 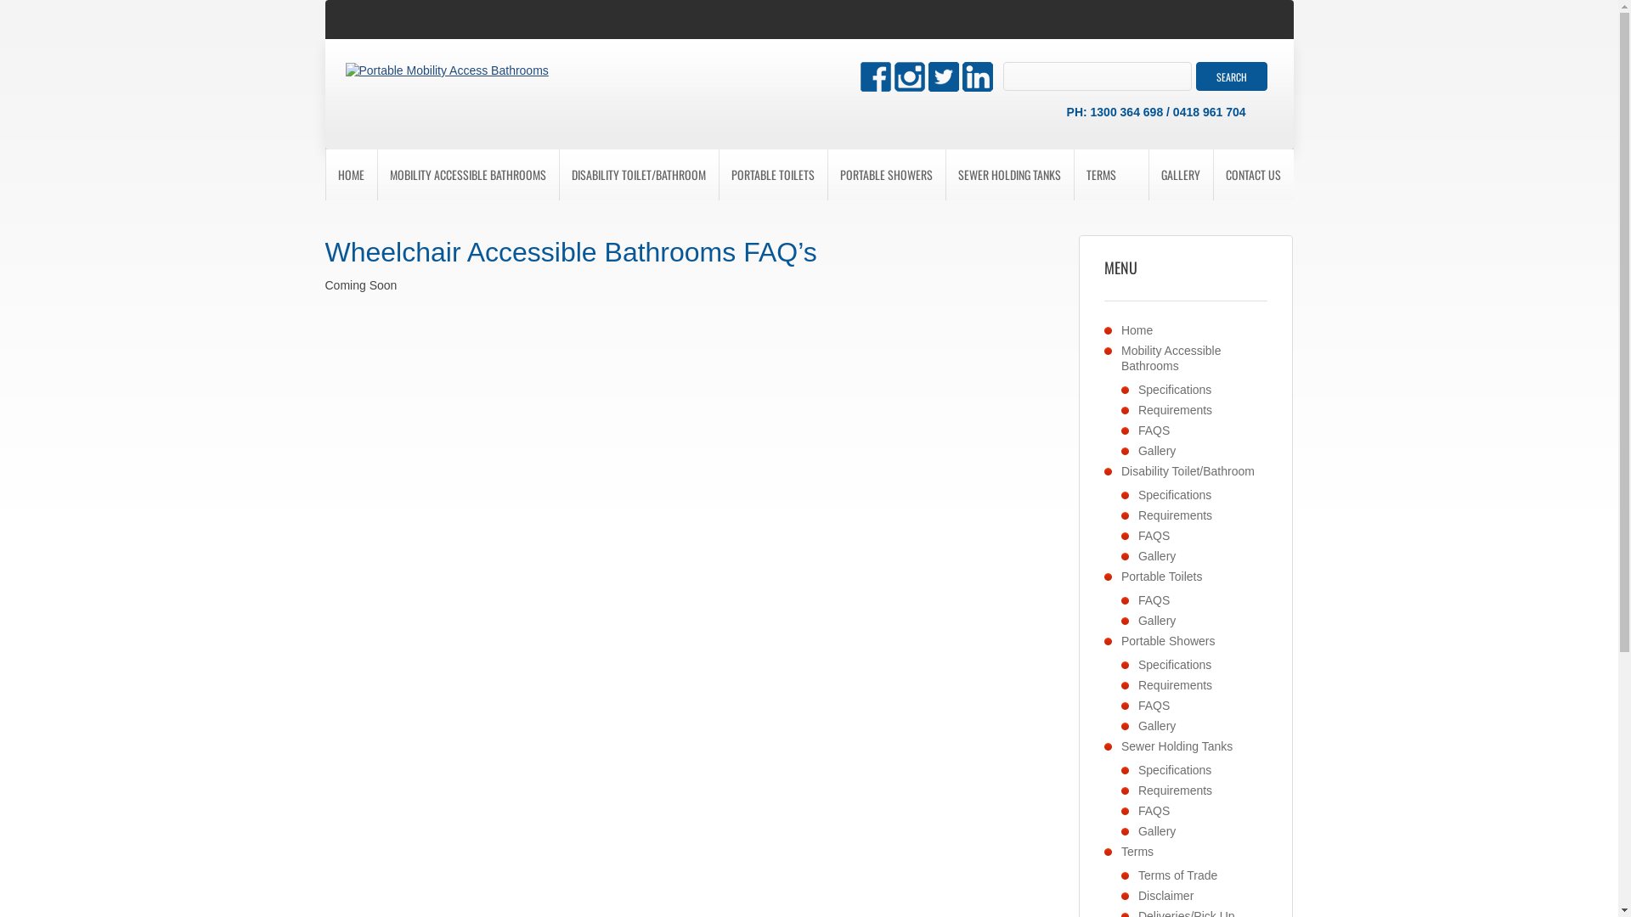 What do you see at coordinates (1174, 409) in the screenshot?
I see `'Requirements'` at bounding box center [1174, 409].